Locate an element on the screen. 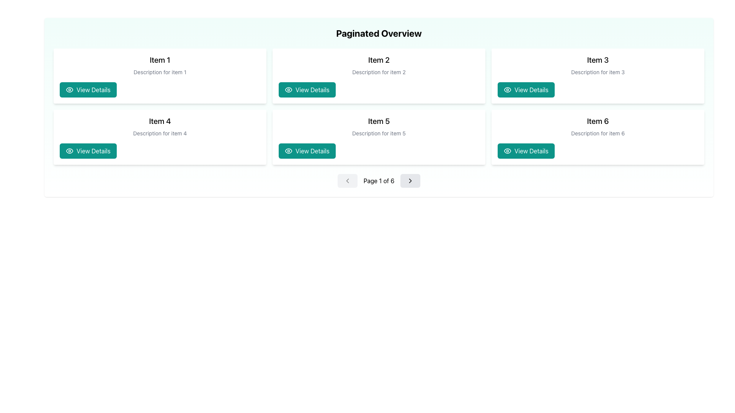 This screenshot has width=735, height=413. the icon within the green-teal button labeled 'View Details' that is located below the card titled 'Item 2' in the second column of the top row of items is located at coordinates (288, 89).